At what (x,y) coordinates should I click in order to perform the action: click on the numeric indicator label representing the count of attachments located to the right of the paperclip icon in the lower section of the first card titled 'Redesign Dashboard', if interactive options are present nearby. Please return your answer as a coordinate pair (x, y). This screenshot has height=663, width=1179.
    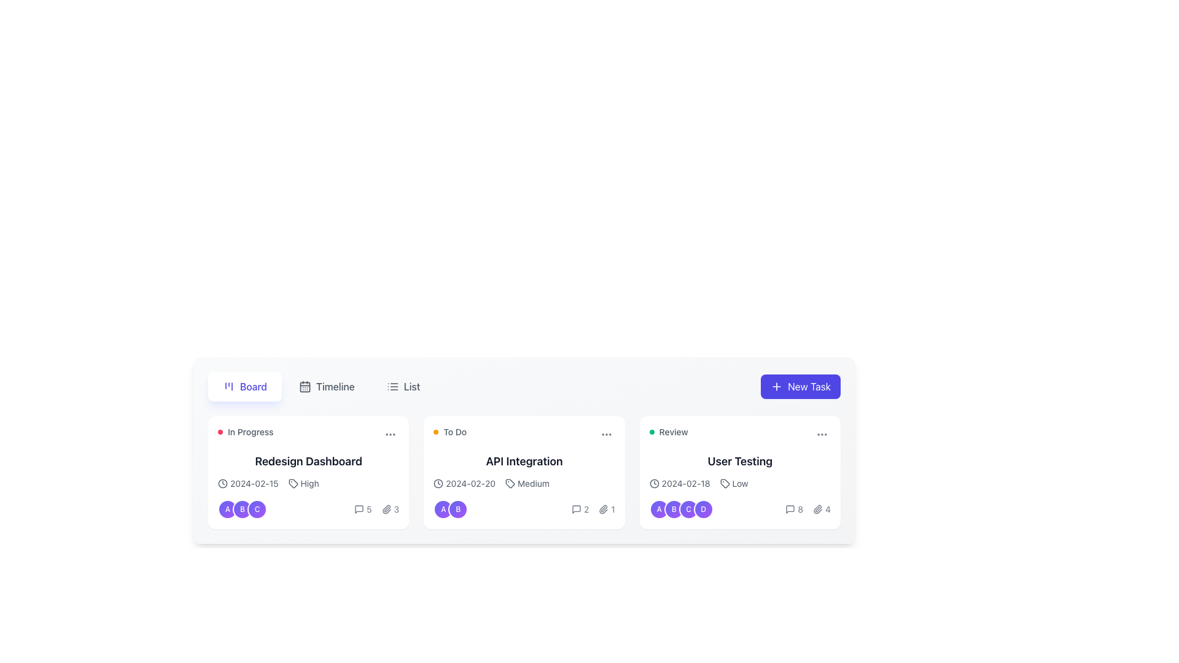
    Looking at the image, I should click on (376, 509).